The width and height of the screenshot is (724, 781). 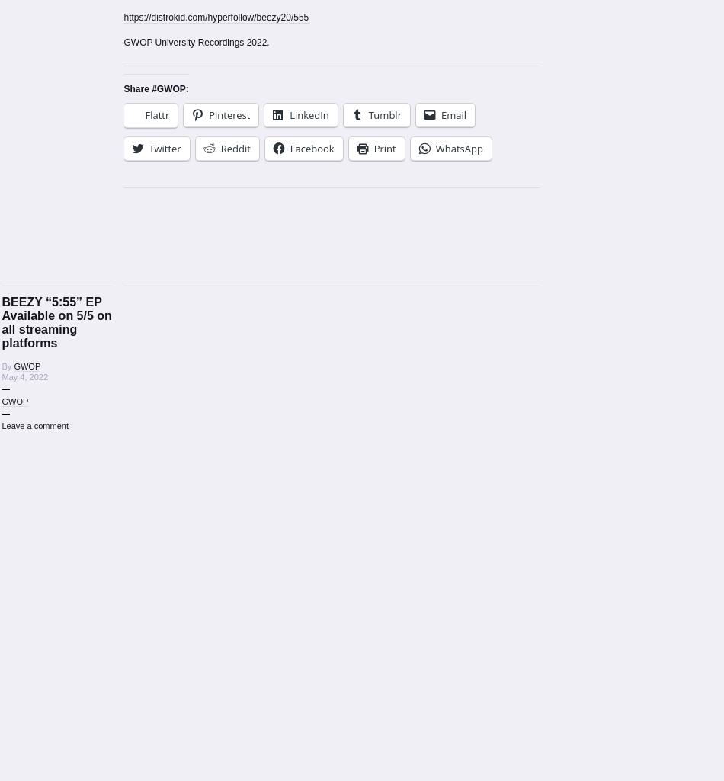 What do you see at coordinates (440, 114) in the screenshot?
I see `'Email'` at bounding box center [440, 114].